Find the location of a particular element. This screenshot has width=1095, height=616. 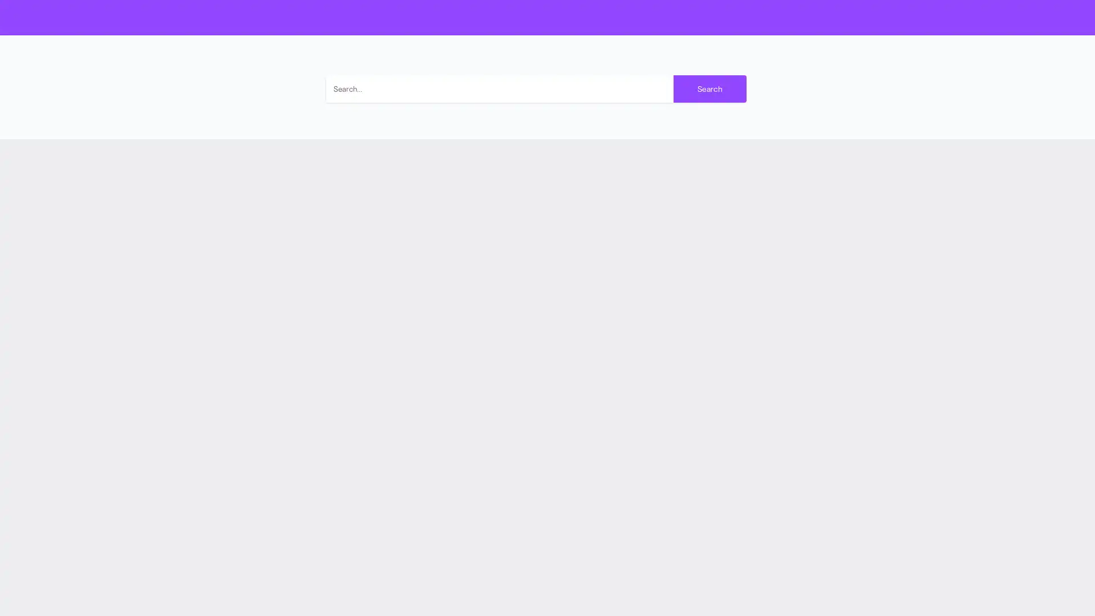

Follow us on Twitter is located at coordinates (782, 401).